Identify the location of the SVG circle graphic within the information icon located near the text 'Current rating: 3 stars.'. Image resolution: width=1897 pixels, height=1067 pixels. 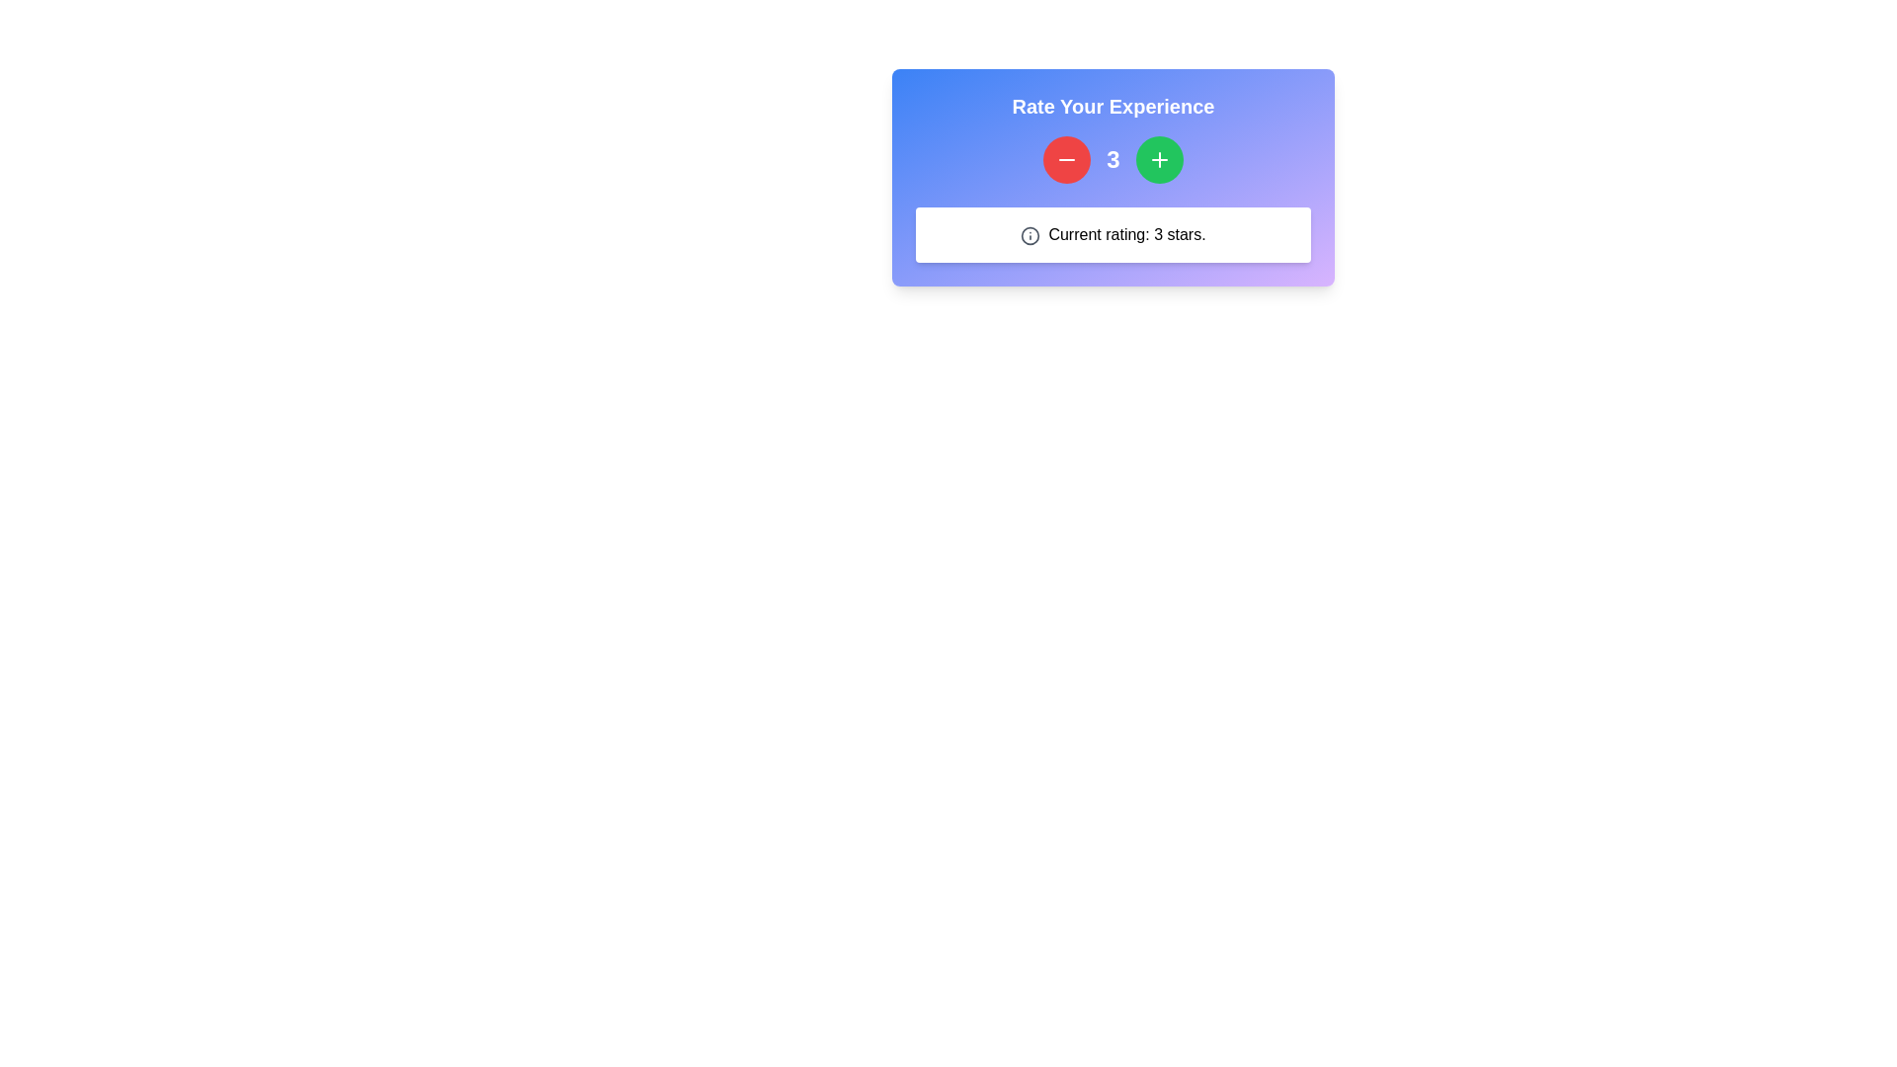
(1030, 234).